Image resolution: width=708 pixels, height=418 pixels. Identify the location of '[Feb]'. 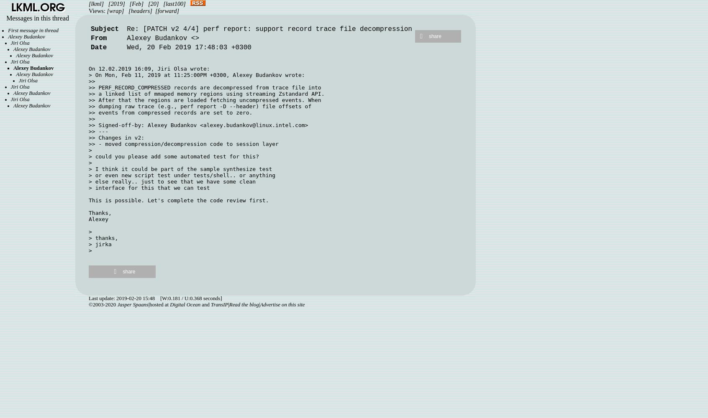
(136, 4).